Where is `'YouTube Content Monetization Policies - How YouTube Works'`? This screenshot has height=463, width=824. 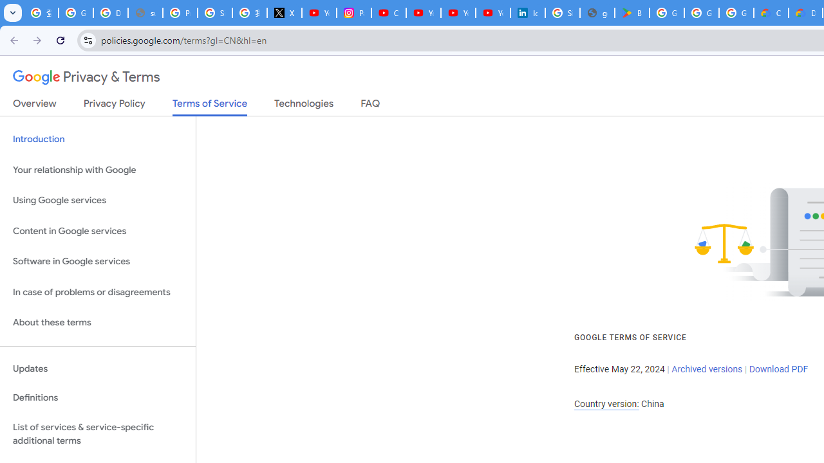
'YouTube Content Monetization Policies - How YouTube Works' is located at coordinates (319, 13).